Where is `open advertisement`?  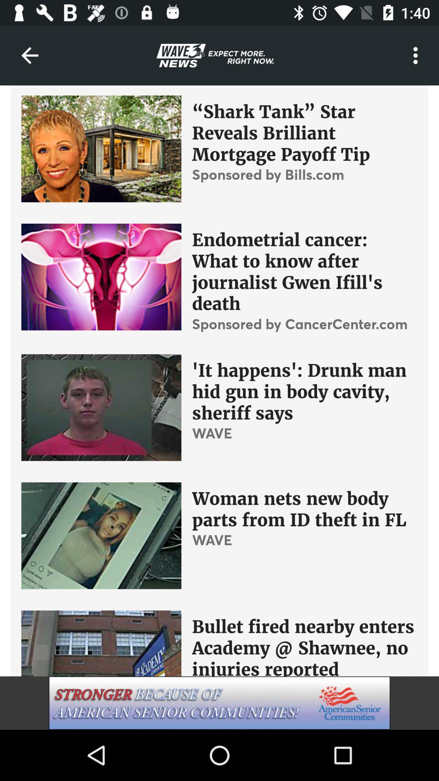 open advertisement is located at coordinates (219, 702).